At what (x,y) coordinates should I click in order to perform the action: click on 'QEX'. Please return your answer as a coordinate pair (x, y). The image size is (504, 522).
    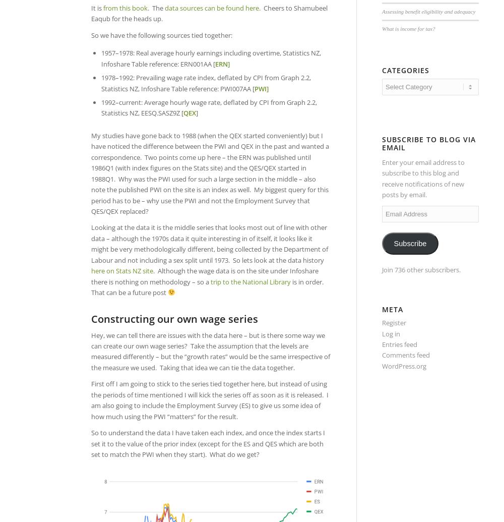
    Looking at the image, I should click on (190, 112).